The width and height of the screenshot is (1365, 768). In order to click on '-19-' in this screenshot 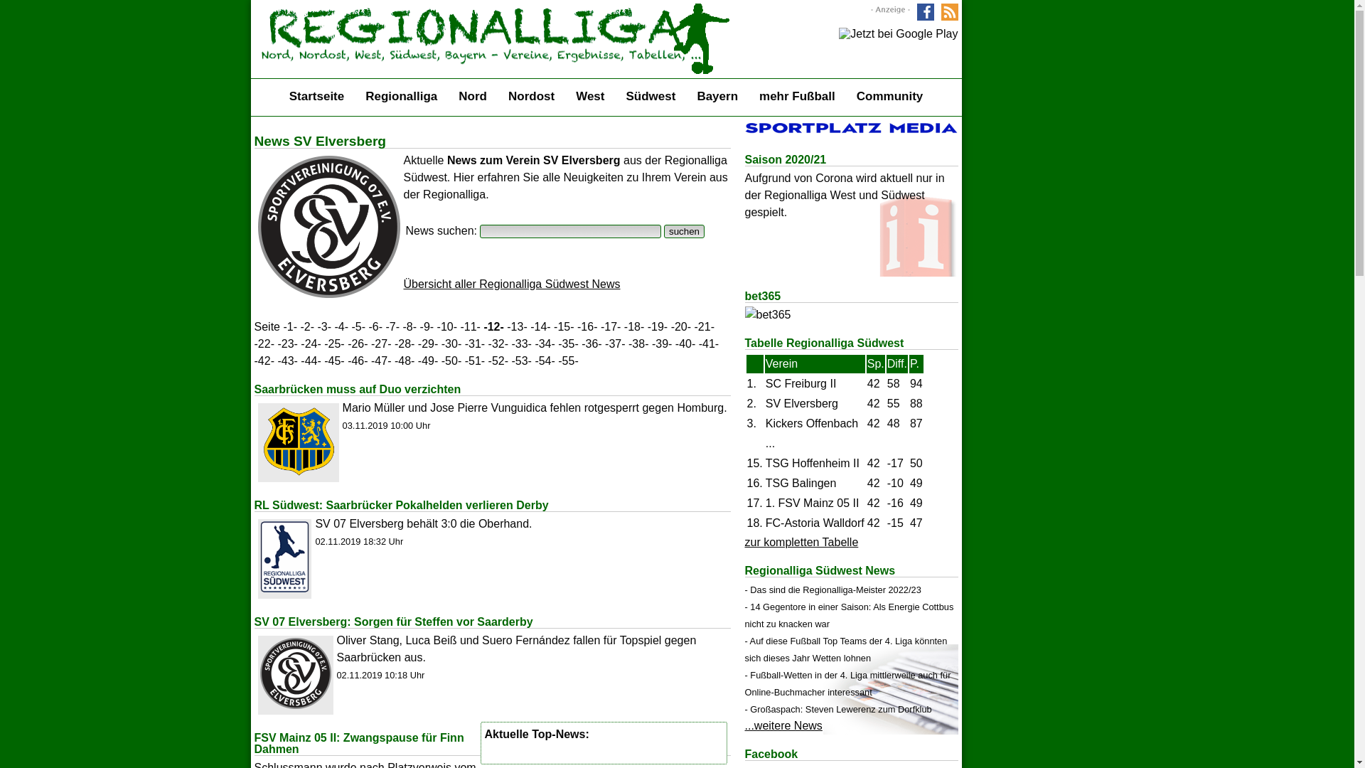, I will do `click(647, 326)`.